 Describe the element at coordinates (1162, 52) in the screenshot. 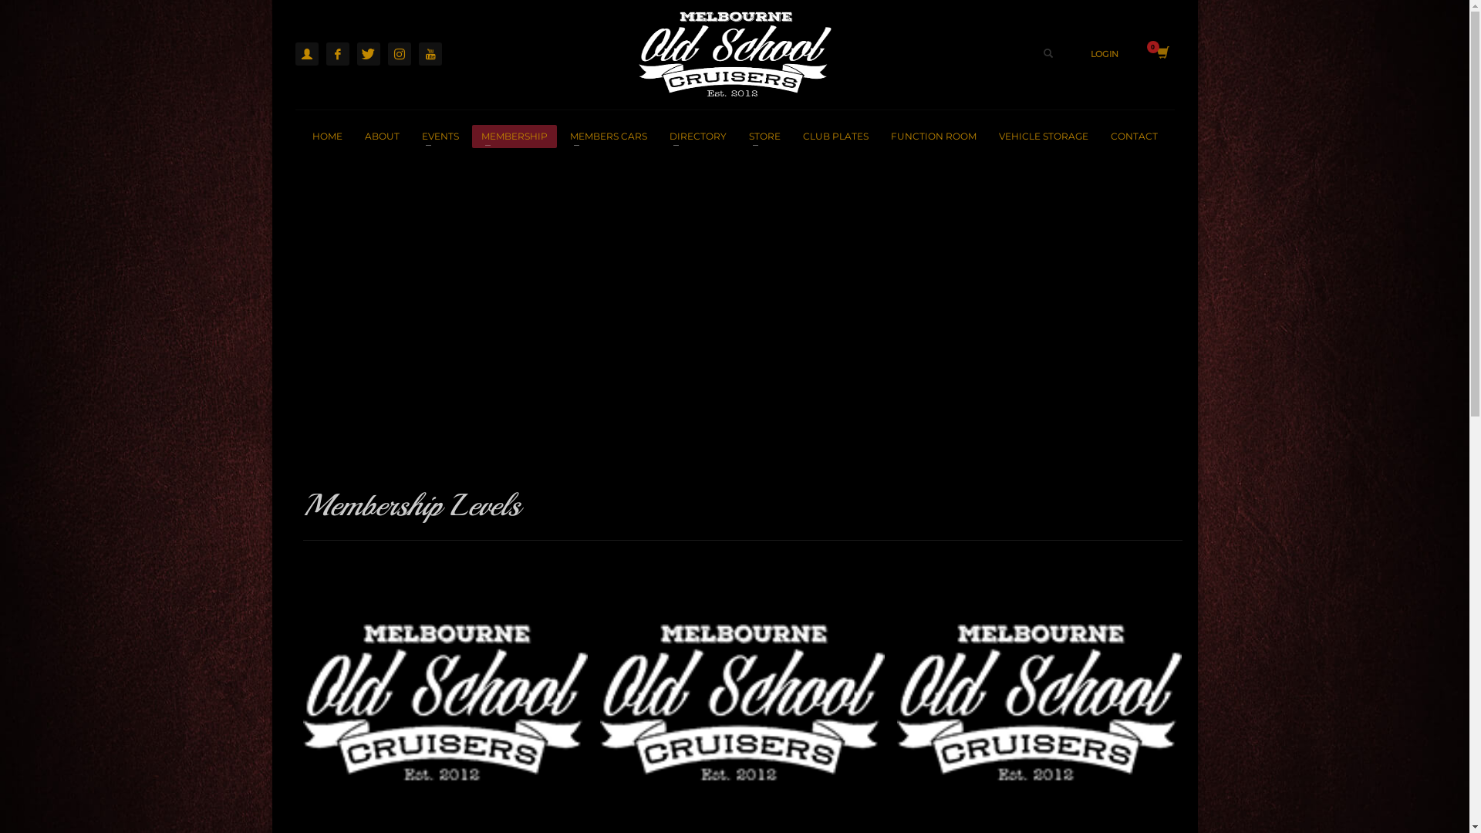

I see `'View your shopping cart'` at that location.